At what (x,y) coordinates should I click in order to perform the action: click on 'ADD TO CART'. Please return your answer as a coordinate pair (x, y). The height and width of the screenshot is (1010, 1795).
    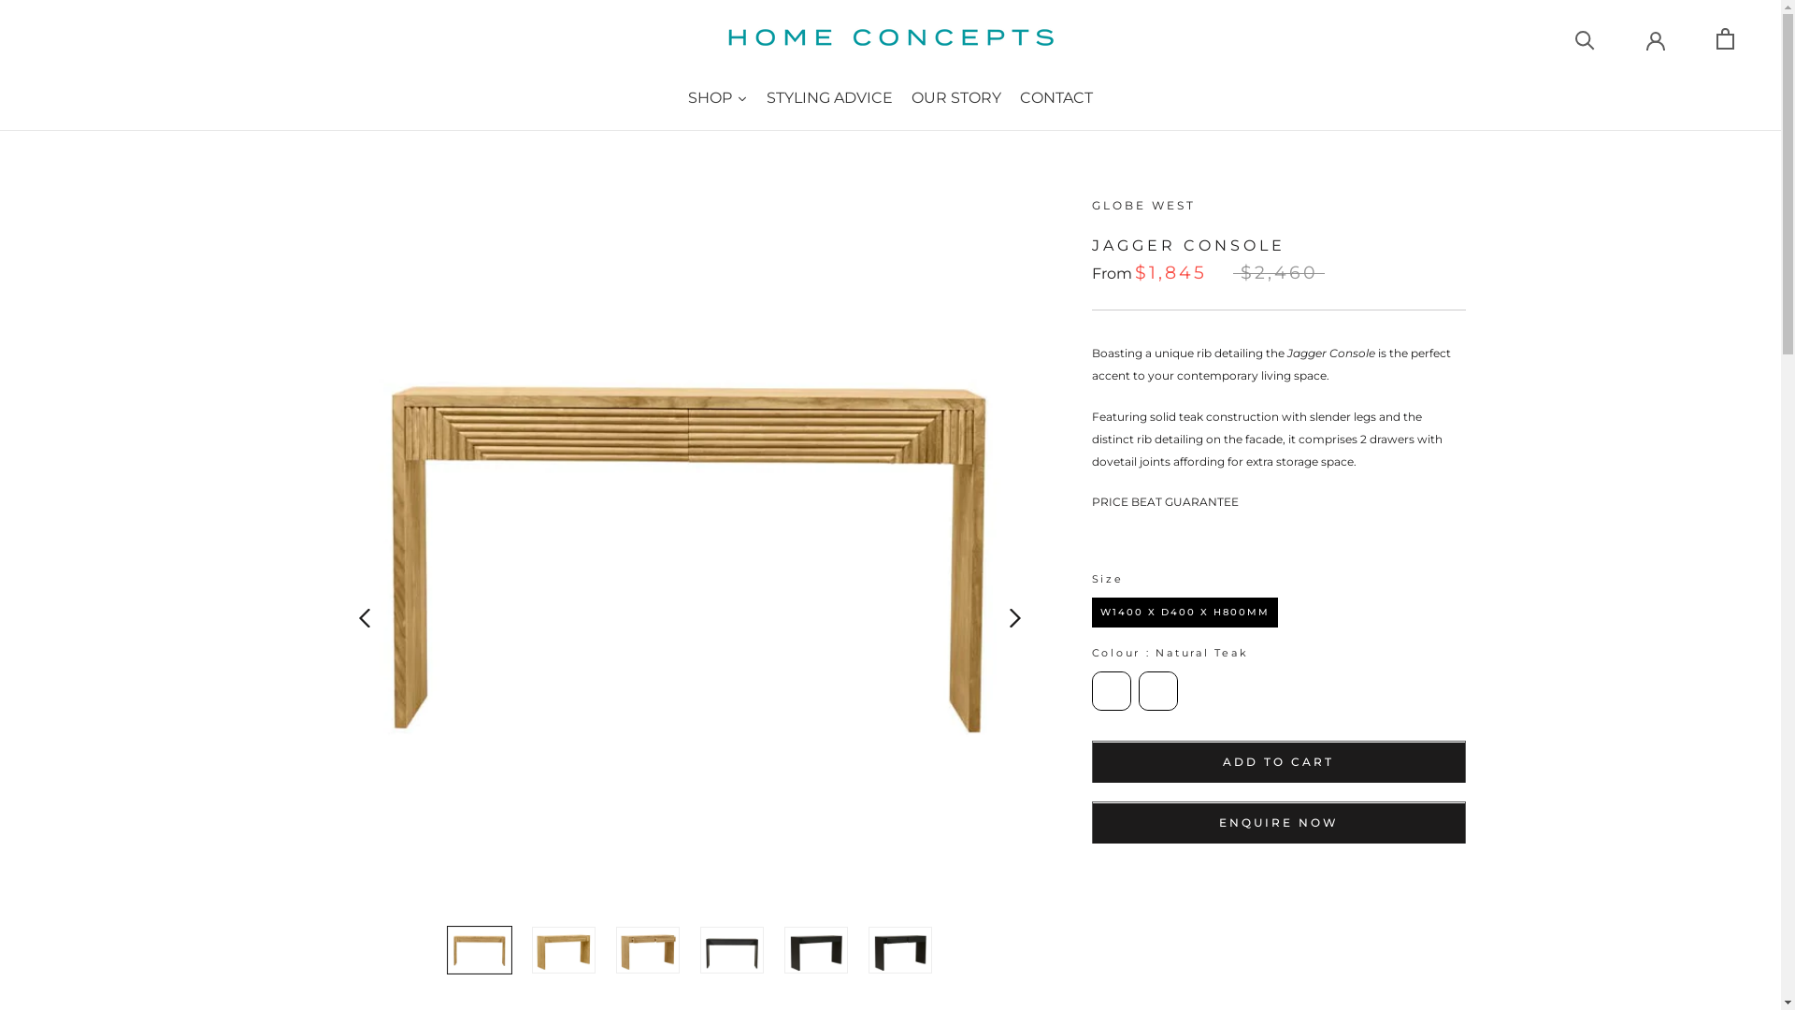
    Looking at the image, I should click on (1278, 761).